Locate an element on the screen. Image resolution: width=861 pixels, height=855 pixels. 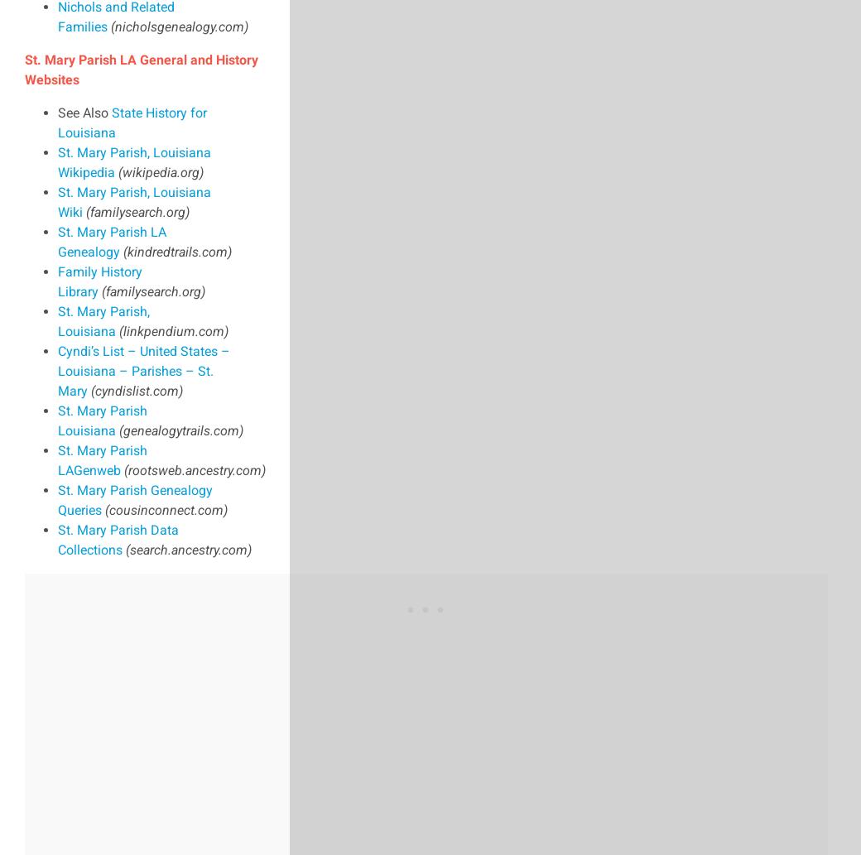
'St. Mary Parish LA Genealogy' is located at coordinates (112, 240).